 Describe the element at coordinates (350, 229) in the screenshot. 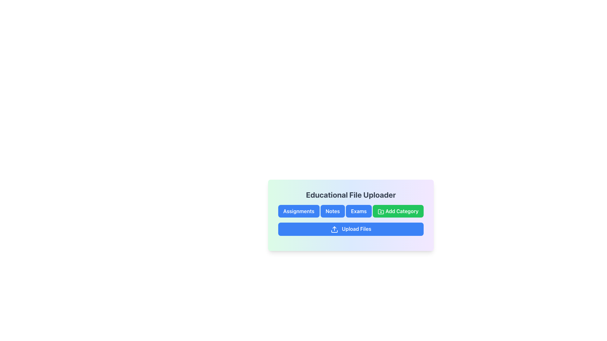

I see `the 'Upload Files' button, which has a blue background, white text, and an upload icon` at that location.